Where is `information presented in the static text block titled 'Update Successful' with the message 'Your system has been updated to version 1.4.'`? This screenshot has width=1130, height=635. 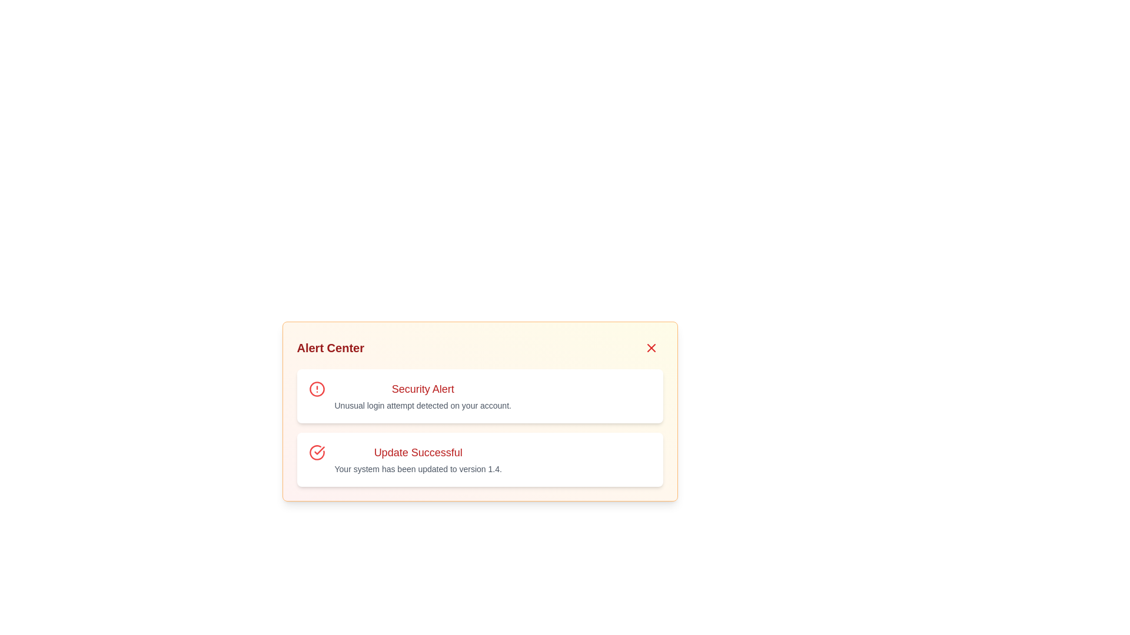
information presented in the static text block titled 'Update Successful' with the message 'Your system has been updated to version 1.4.' is located at coordinates (418, 459).